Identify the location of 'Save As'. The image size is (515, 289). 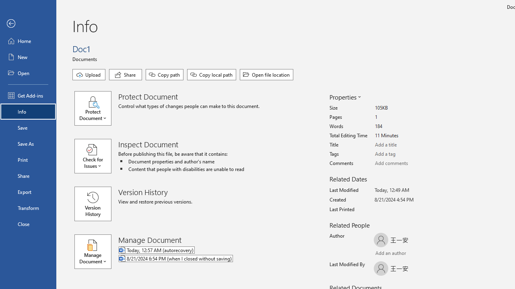
(28, 143).